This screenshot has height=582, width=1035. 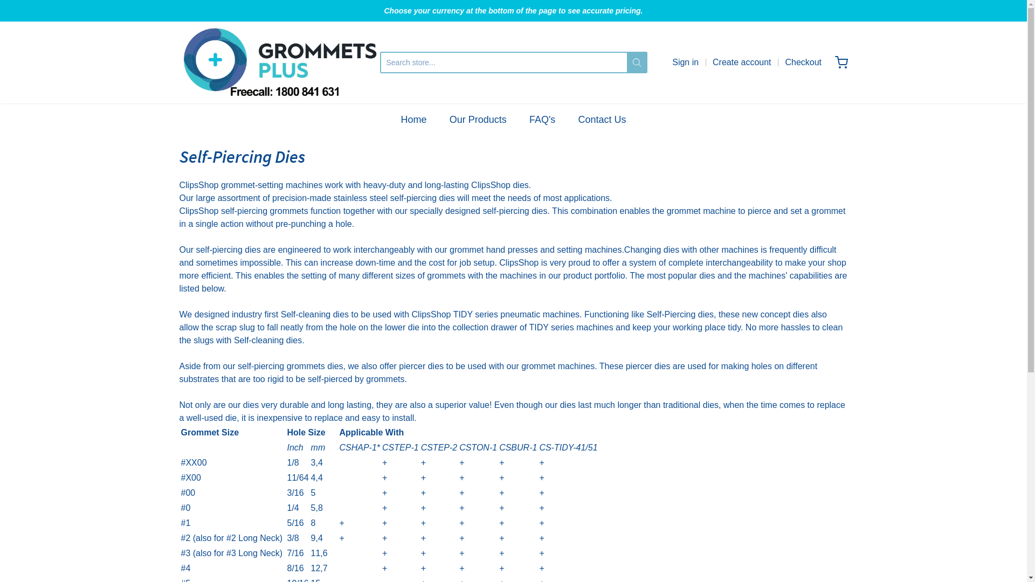 I want to click on 'FAQ's', so click(x=529, y=120).